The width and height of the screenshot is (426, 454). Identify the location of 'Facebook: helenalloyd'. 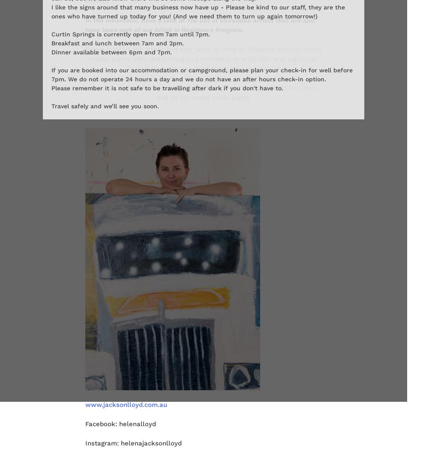
(120, 423).